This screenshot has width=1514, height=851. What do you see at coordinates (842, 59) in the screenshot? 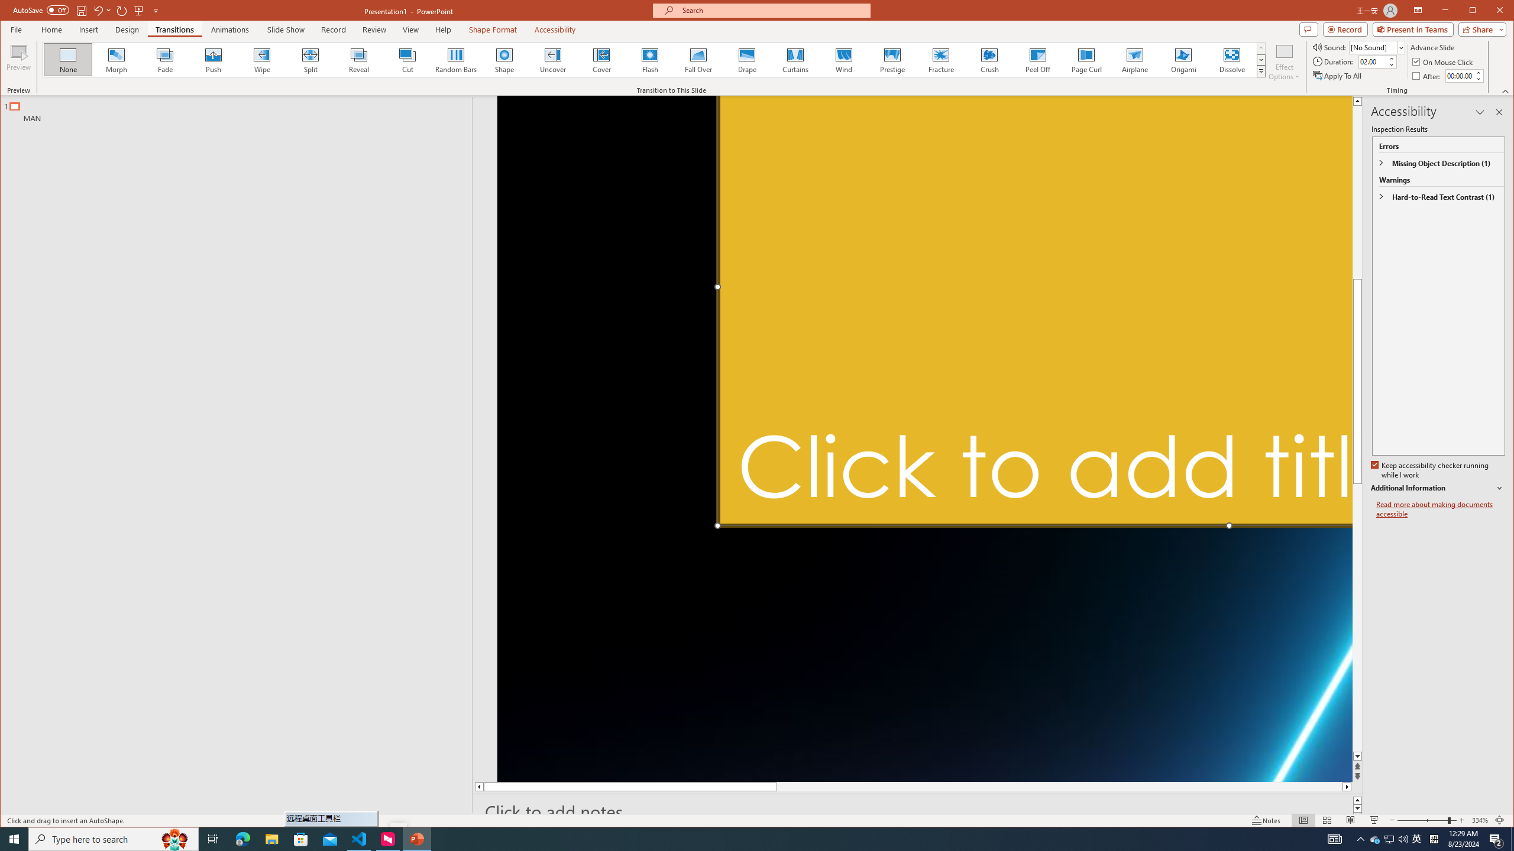
I see `'Wind'` at bounding box center [842, 59].